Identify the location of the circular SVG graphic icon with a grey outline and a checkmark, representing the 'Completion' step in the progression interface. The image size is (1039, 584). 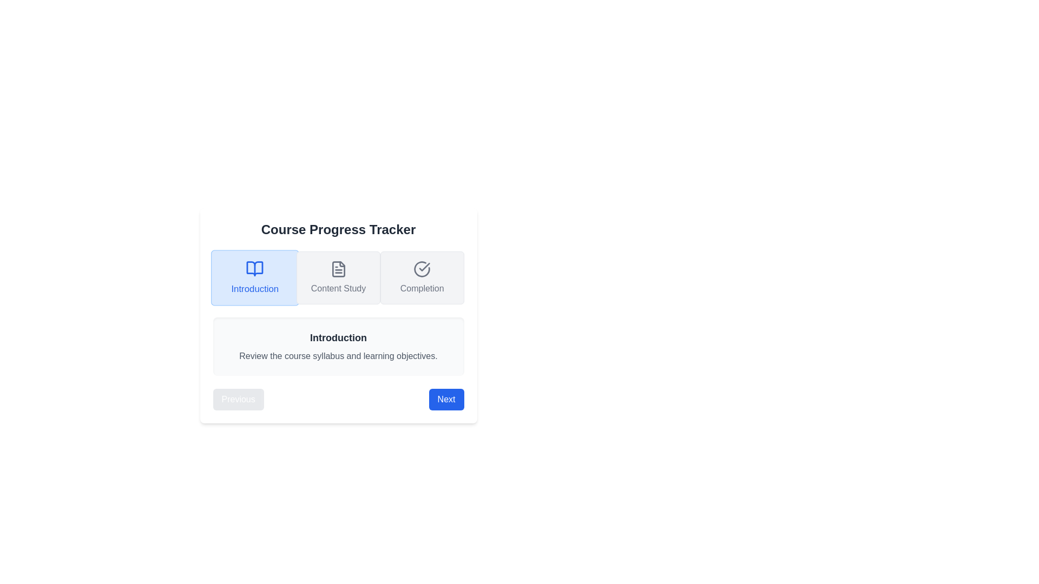
(422, 268).